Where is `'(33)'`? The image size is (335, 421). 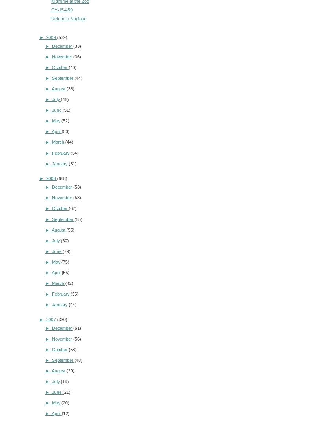
'(33)' is located at coordinates (76, 45).